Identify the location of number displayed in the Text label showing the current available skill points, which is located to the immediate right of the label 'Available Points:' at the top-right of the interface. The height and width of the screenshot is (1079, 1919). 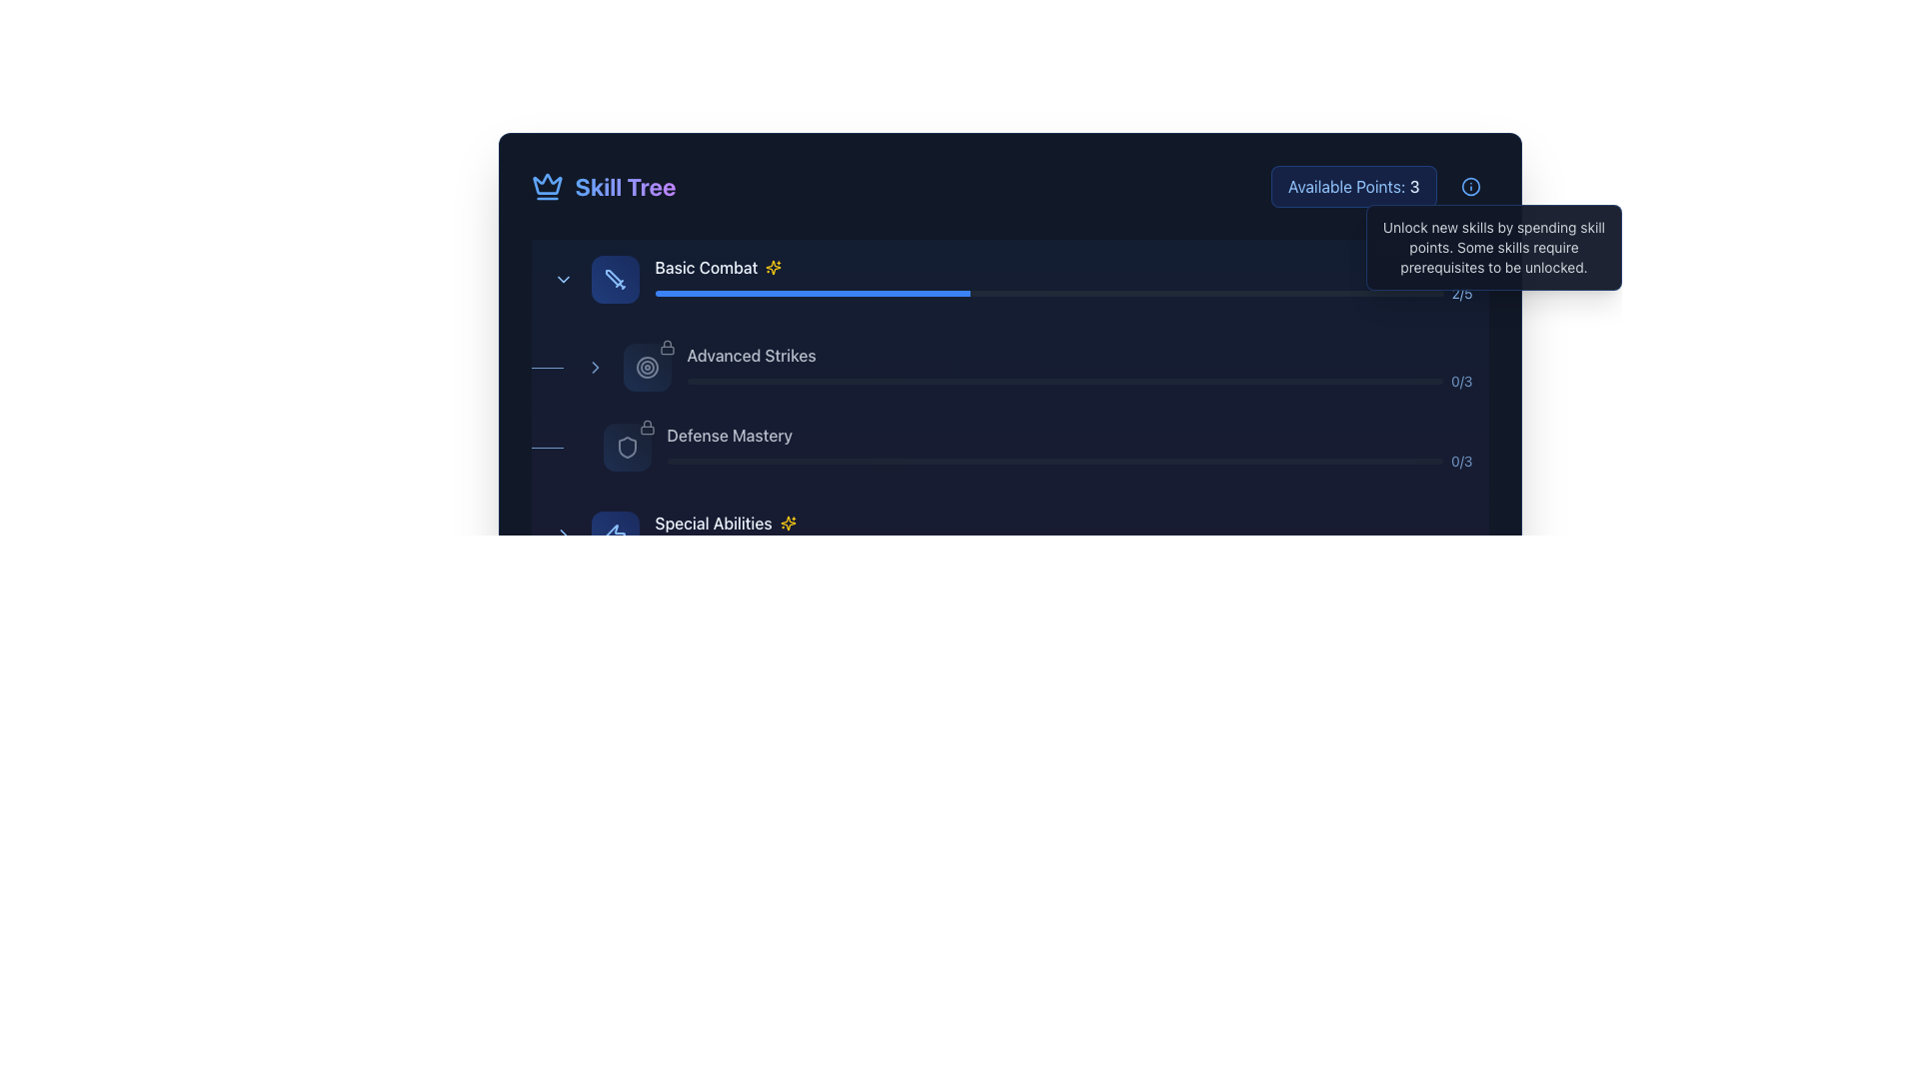
(1413, 186).